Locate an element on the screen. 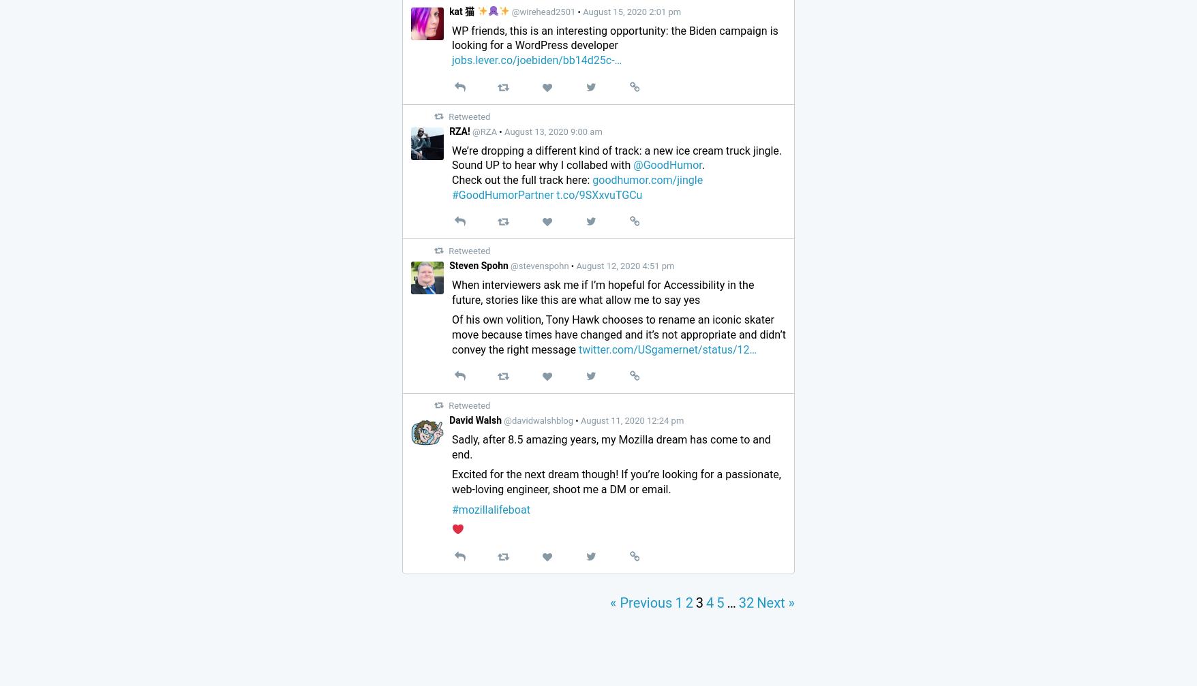 This screenshot has width=1197, height=686. 'Next »' is located at coordinates (776, 602).